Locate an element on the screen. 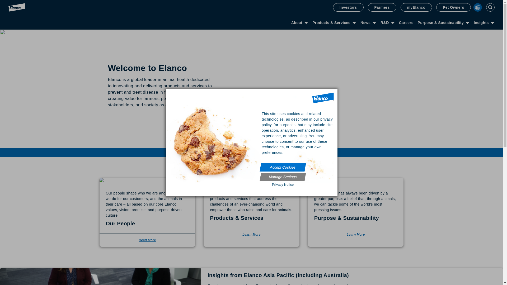  'About' is located at coordinates (297, 23).